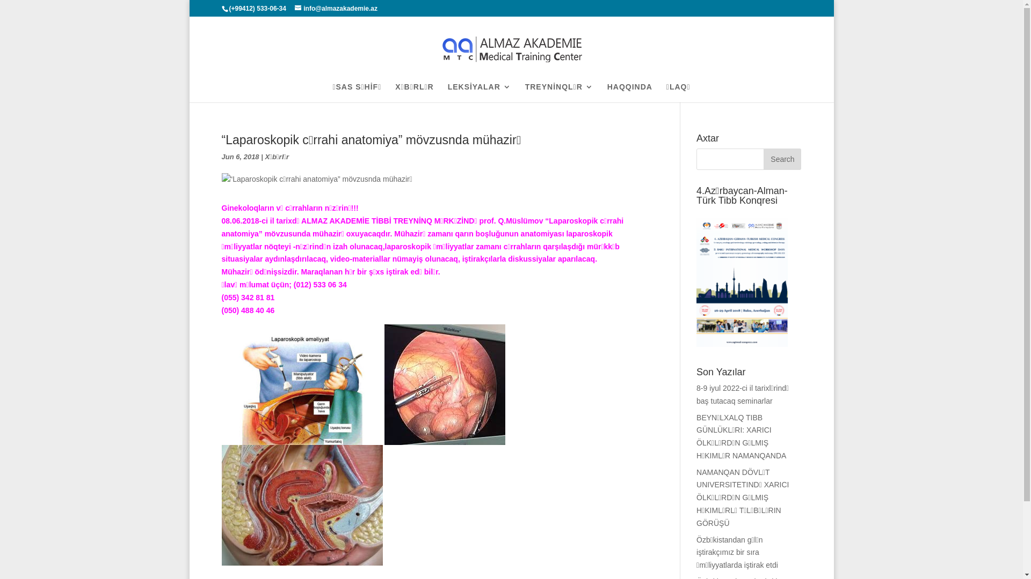 This screenshot has width=1031, height=579. What do you see at coordinates (782, 159) in the screenshot?
I see `'Search'` at bounding box center [782, 159].